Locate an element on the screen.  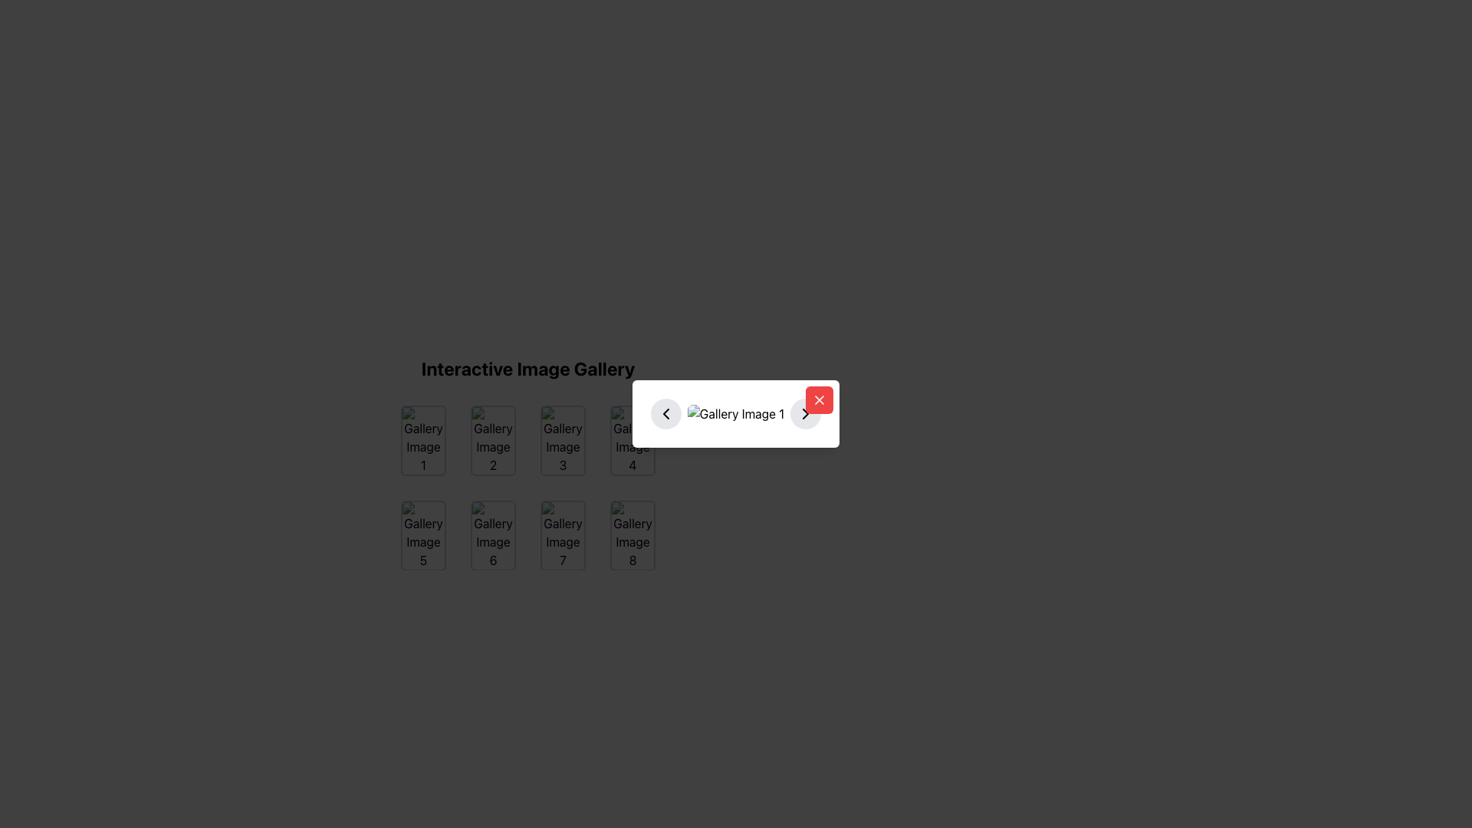
the clickable thumbnail image labeled 'Gallery Image 2' is located at coordinates (528, 439).